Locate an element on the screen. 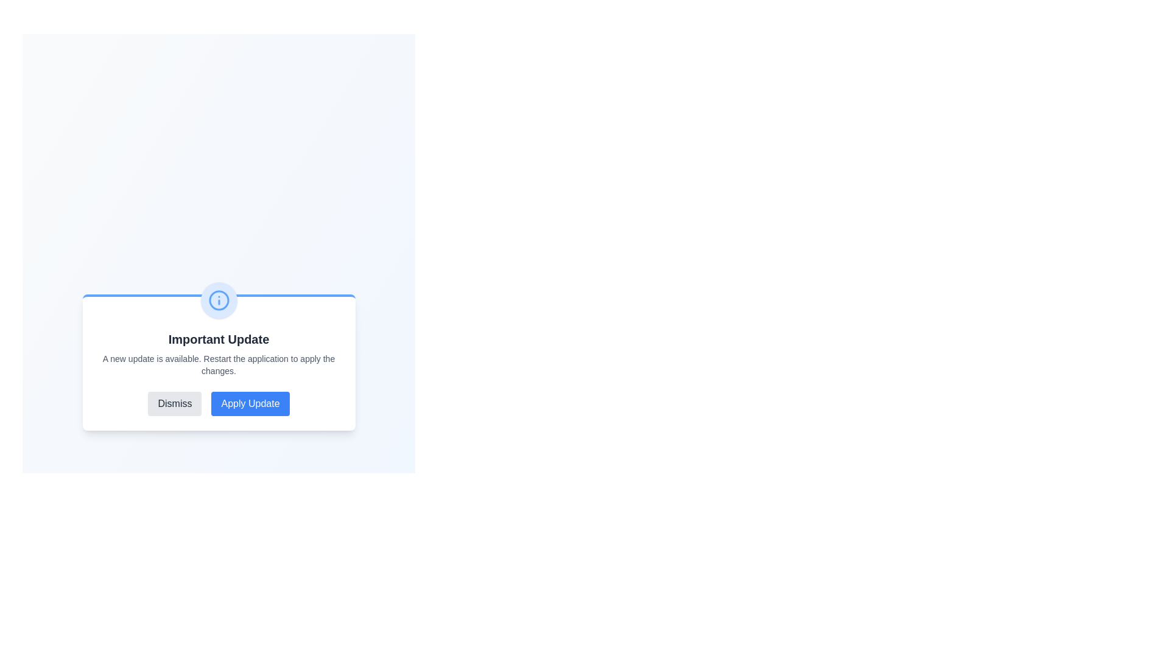 This screenshot has height=657, width=1169. the 'Dismiss' button to dismiss the alert is located at coordinates (174, 403).